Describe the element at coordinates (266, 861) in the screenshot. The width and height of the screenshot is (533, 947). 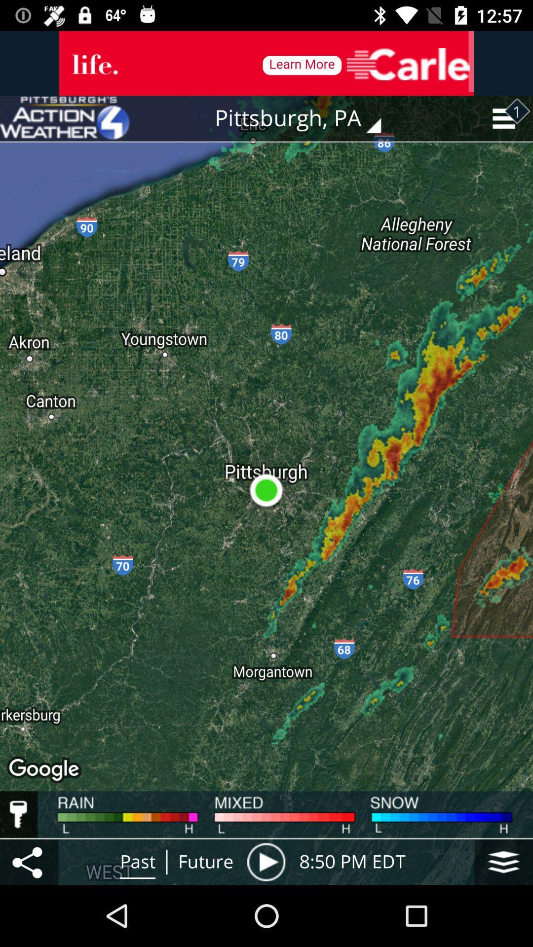
I see `icon to the right of future icon` at that location.